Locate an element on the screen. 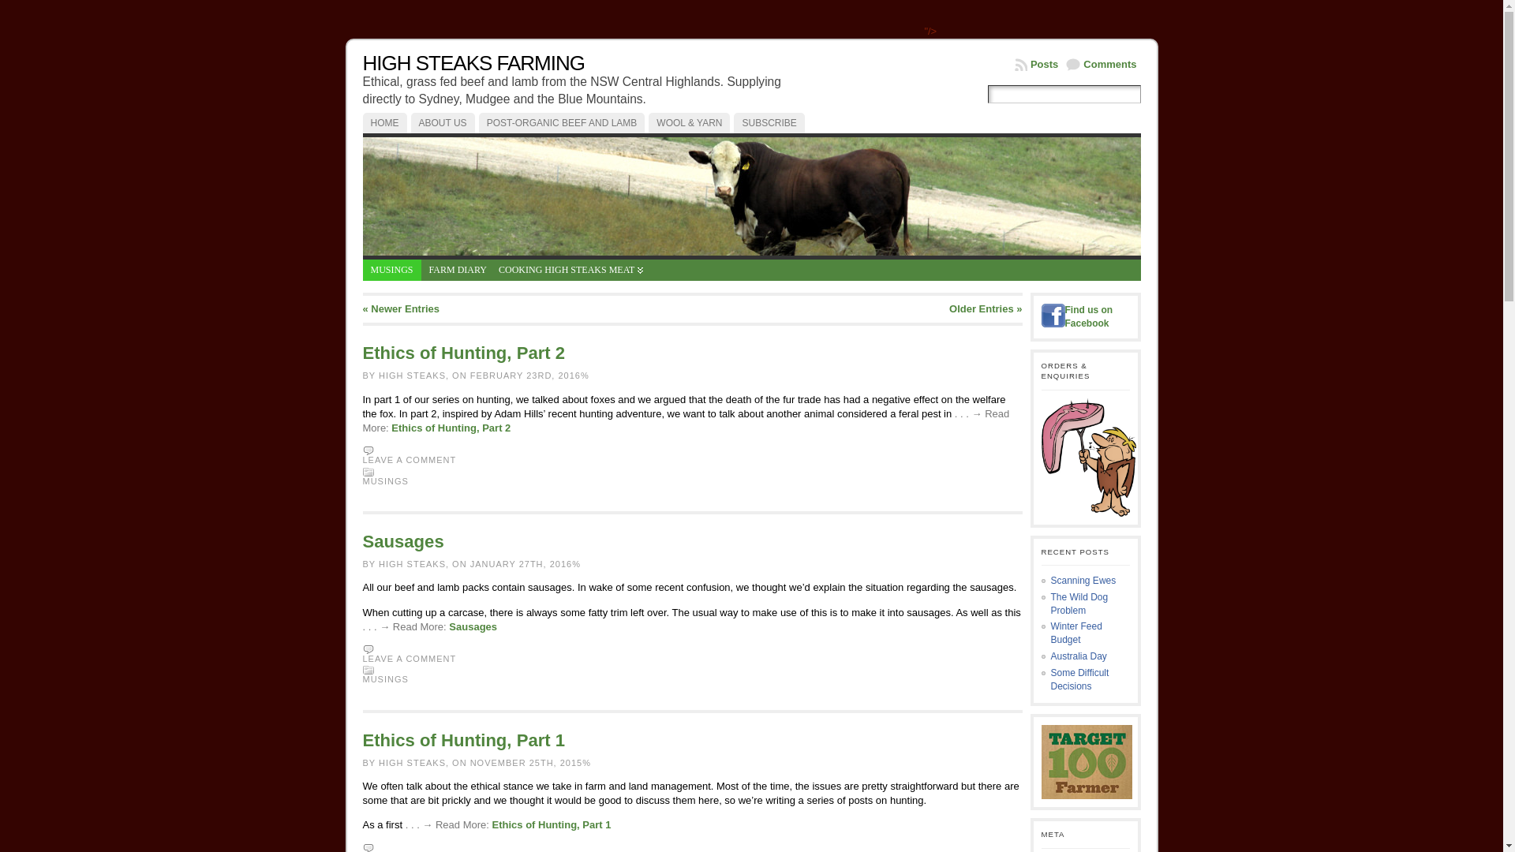 This screenshot has width=1515, height=852. 'Comments' is located at coordinates (1100, 63).